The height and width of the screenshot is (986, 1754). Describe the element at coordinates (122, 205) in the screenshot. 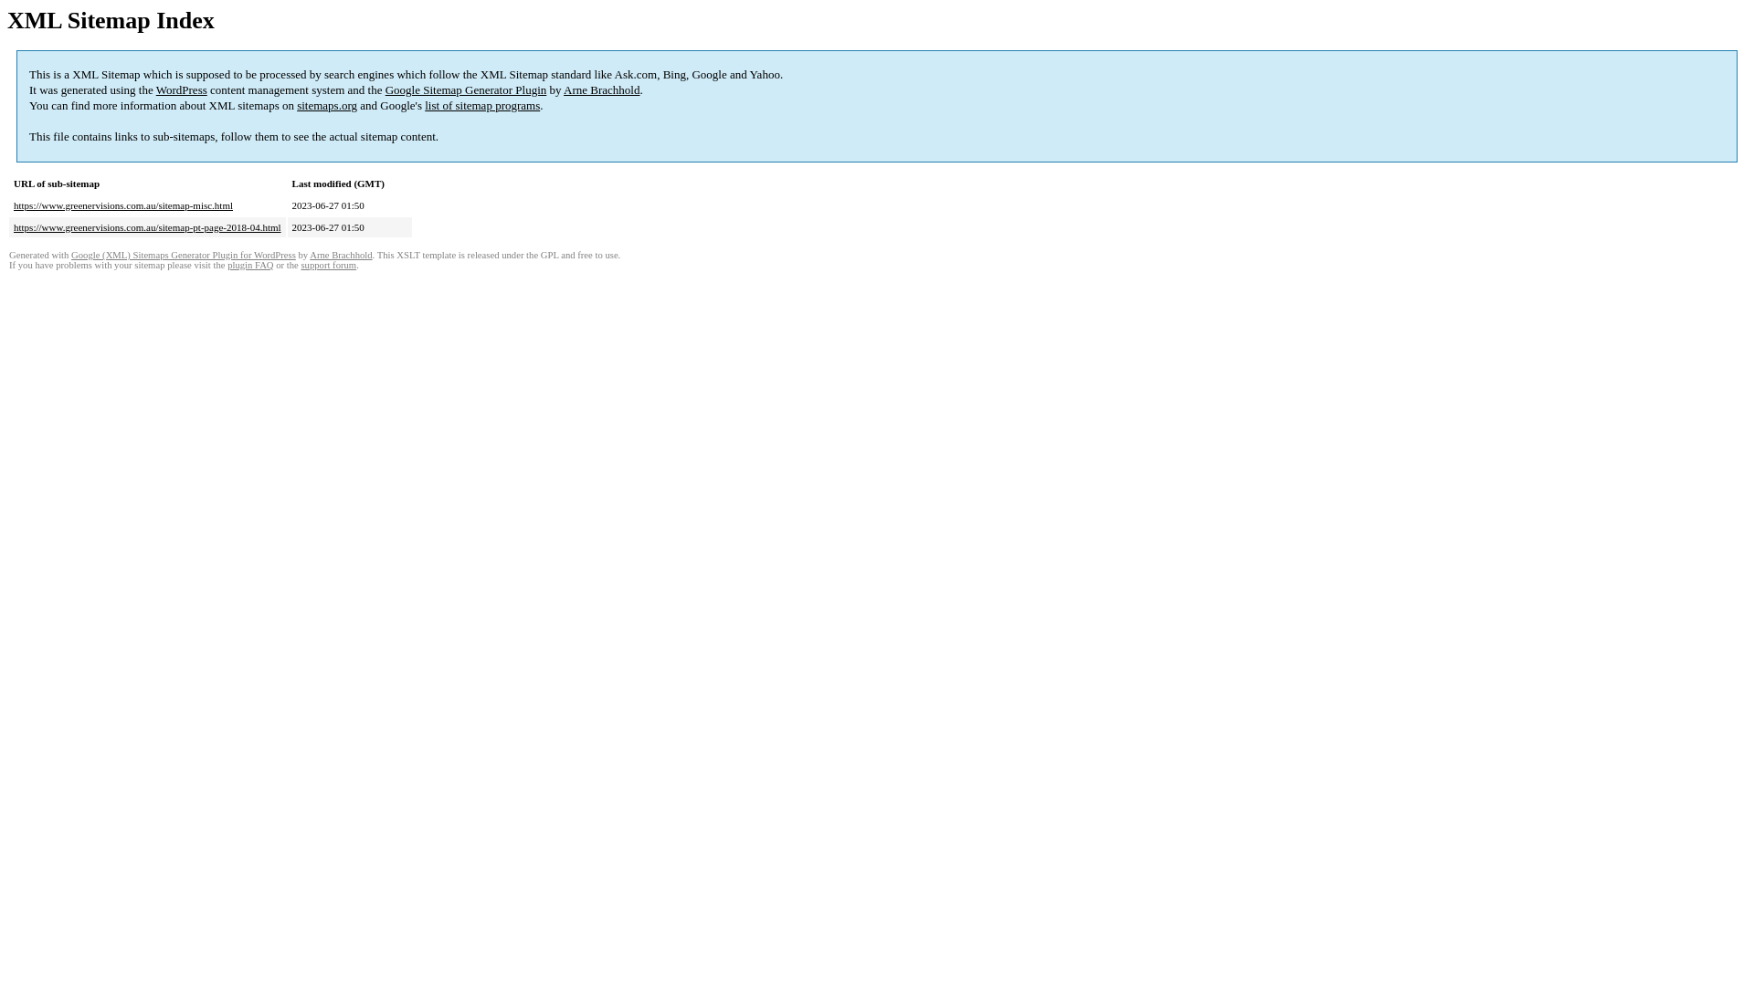

I see `'https://www.greenervisions.com.au/sitemap-misc.html'` at that location.